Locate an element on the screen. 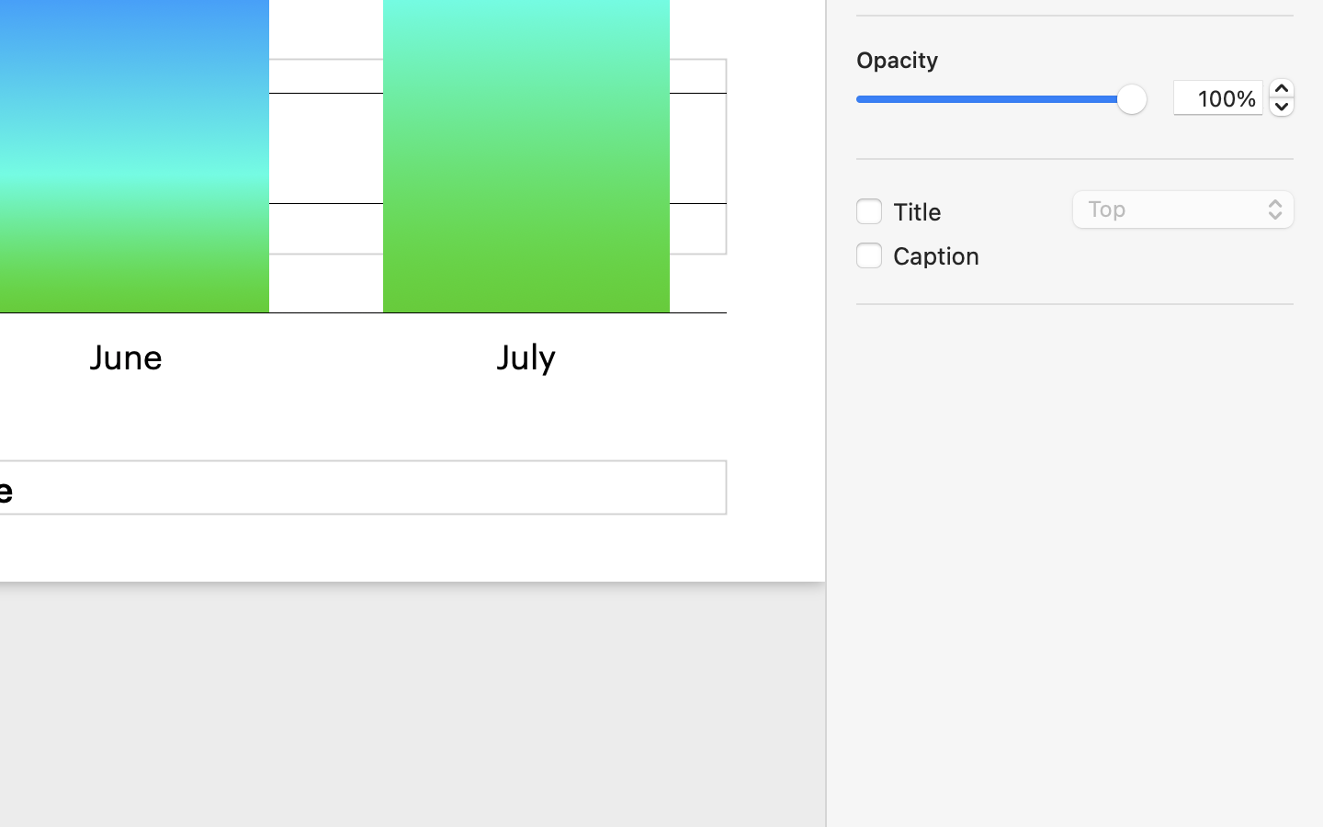  '100%' is located at coordinates (1216, 96).